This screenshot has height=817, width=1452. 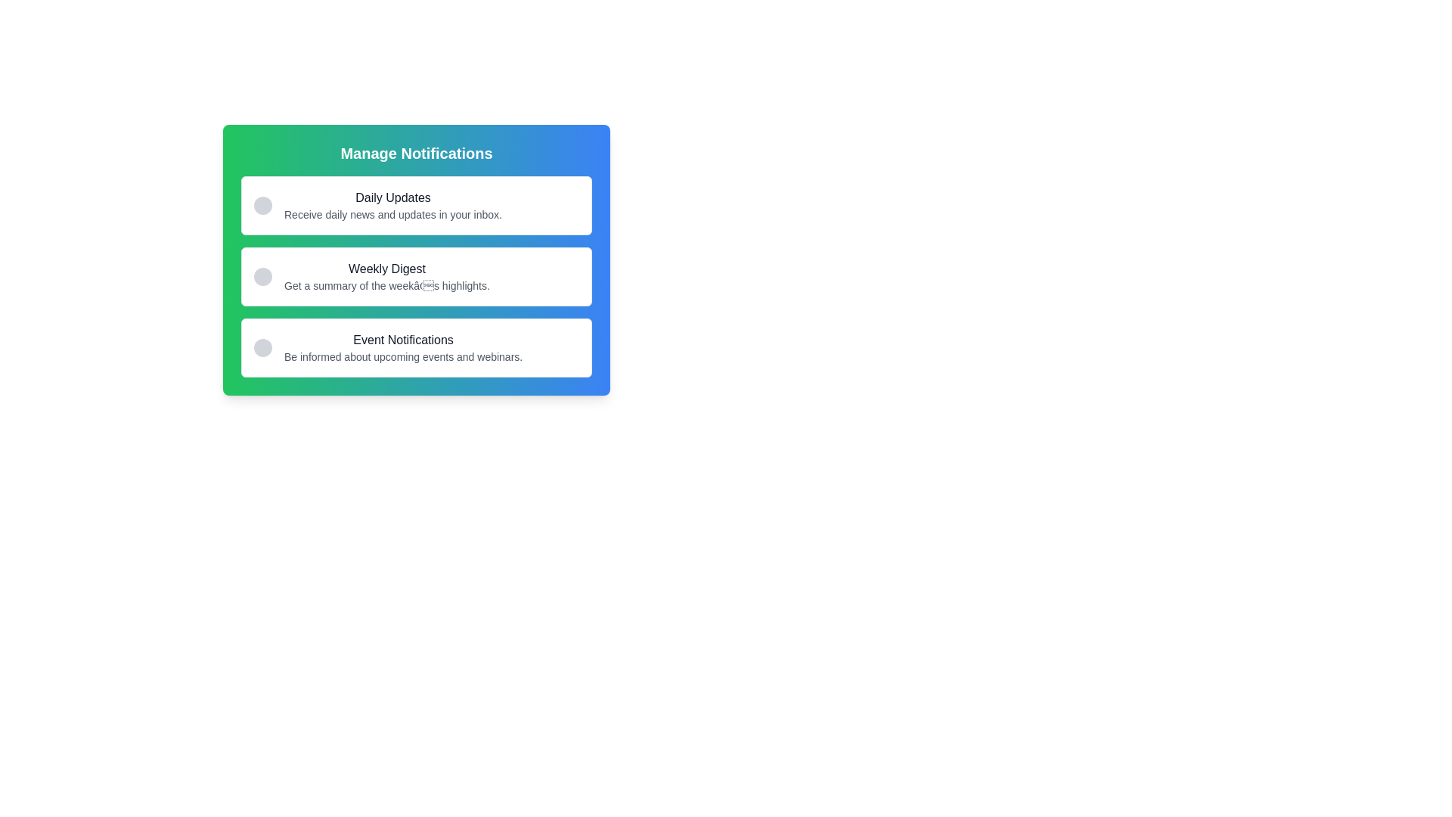 What do you see at coordinates (403, 356) in the screenshot?
I see `the text label displaying 'Be informed about upcoming events and webinars.' which is below the heading 'Event Notifications'` at bounding box center [403, 356].